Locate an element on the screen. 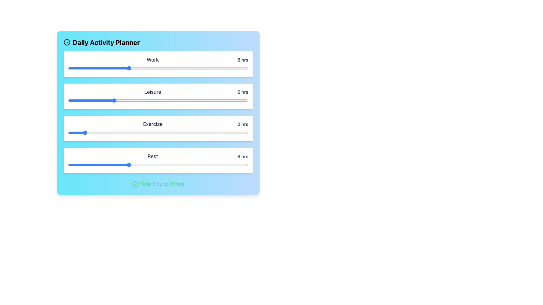 This screenshot has height=305, width=543. Exercise hours is located at coordinates (180, 133).